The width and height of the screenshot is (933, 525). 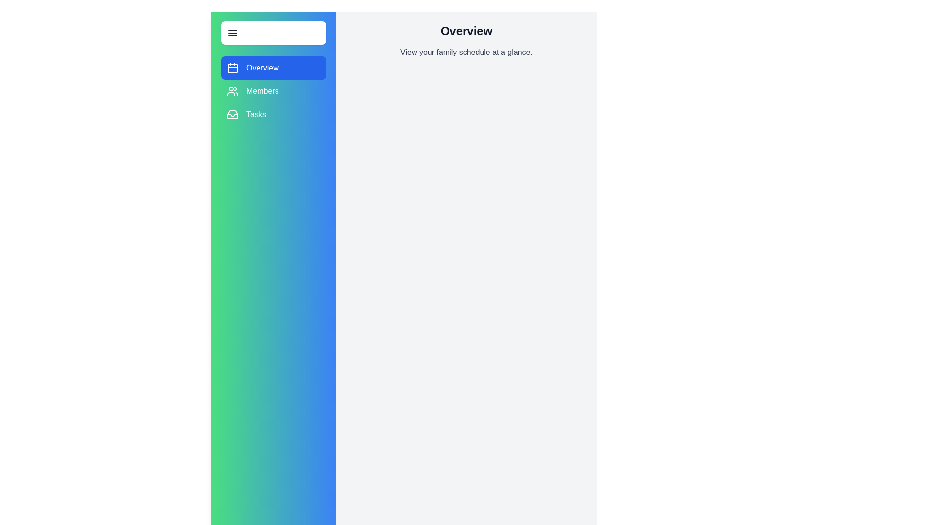 I want to click on the menu toggle button to toggle the side menu visibility, so click(x=273, y=33).